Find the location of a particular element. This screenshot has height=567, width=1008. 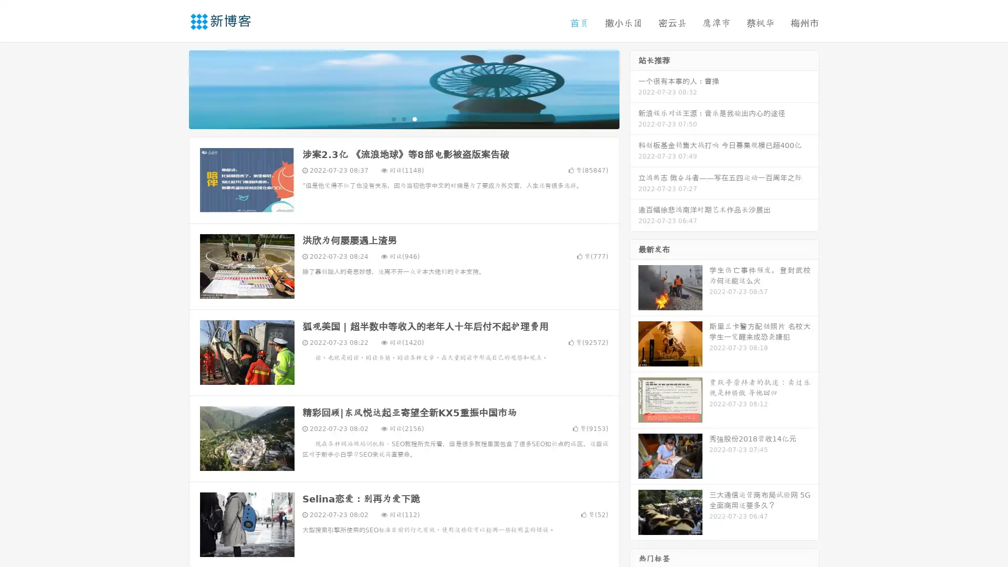

Go to slide 3 is located at coordinates (414, 118).